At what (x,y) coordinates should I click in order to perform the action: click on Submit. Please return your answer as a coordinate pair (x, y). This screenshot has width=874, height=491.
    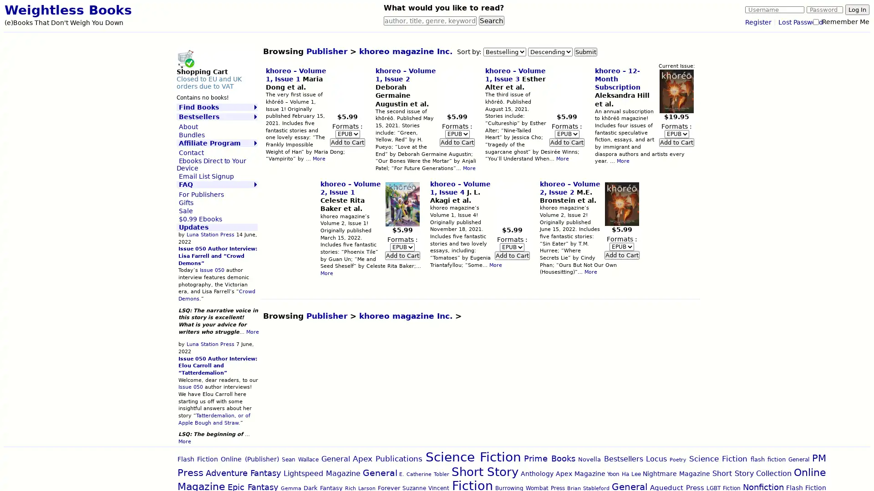
    Looking at the image, I should click on (585, 51).